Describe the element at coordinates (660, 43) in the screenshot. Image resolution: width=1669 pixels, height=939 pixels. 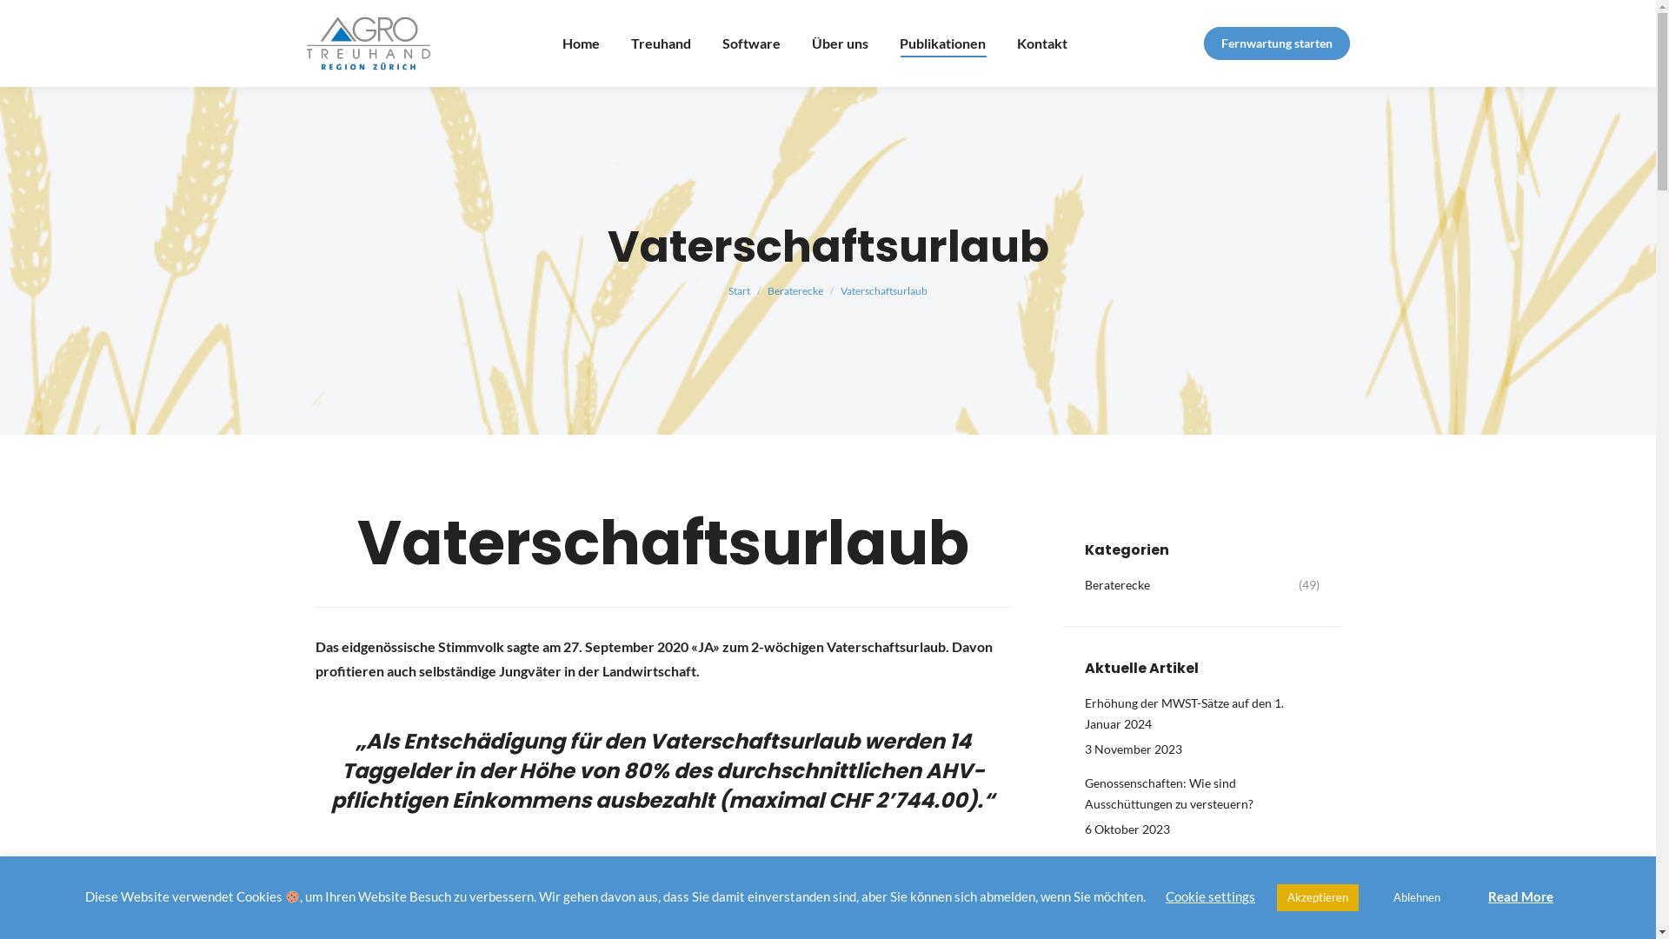
I see `'Treuhand'` at that location.